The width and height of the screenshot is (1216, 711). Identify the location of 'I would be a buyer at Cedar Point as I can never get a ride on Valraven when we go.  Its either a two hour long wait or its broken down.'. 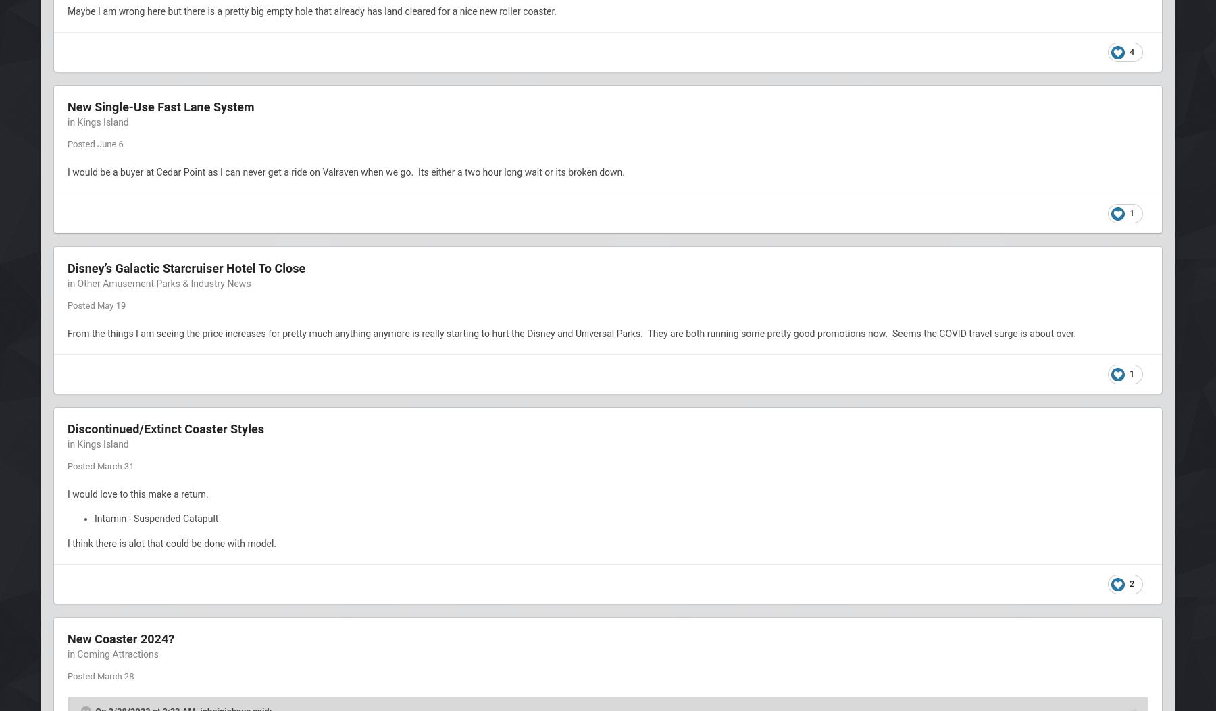
(347, 172).